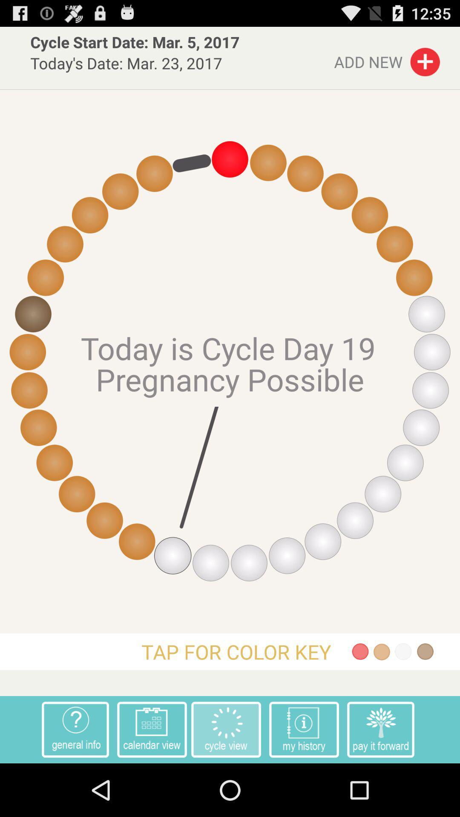 The width and height of the screenshot is (460, 817). Describe the element at coordinates (75, 729) in the screenshot. I see `icon to the left of the   app` at that location.